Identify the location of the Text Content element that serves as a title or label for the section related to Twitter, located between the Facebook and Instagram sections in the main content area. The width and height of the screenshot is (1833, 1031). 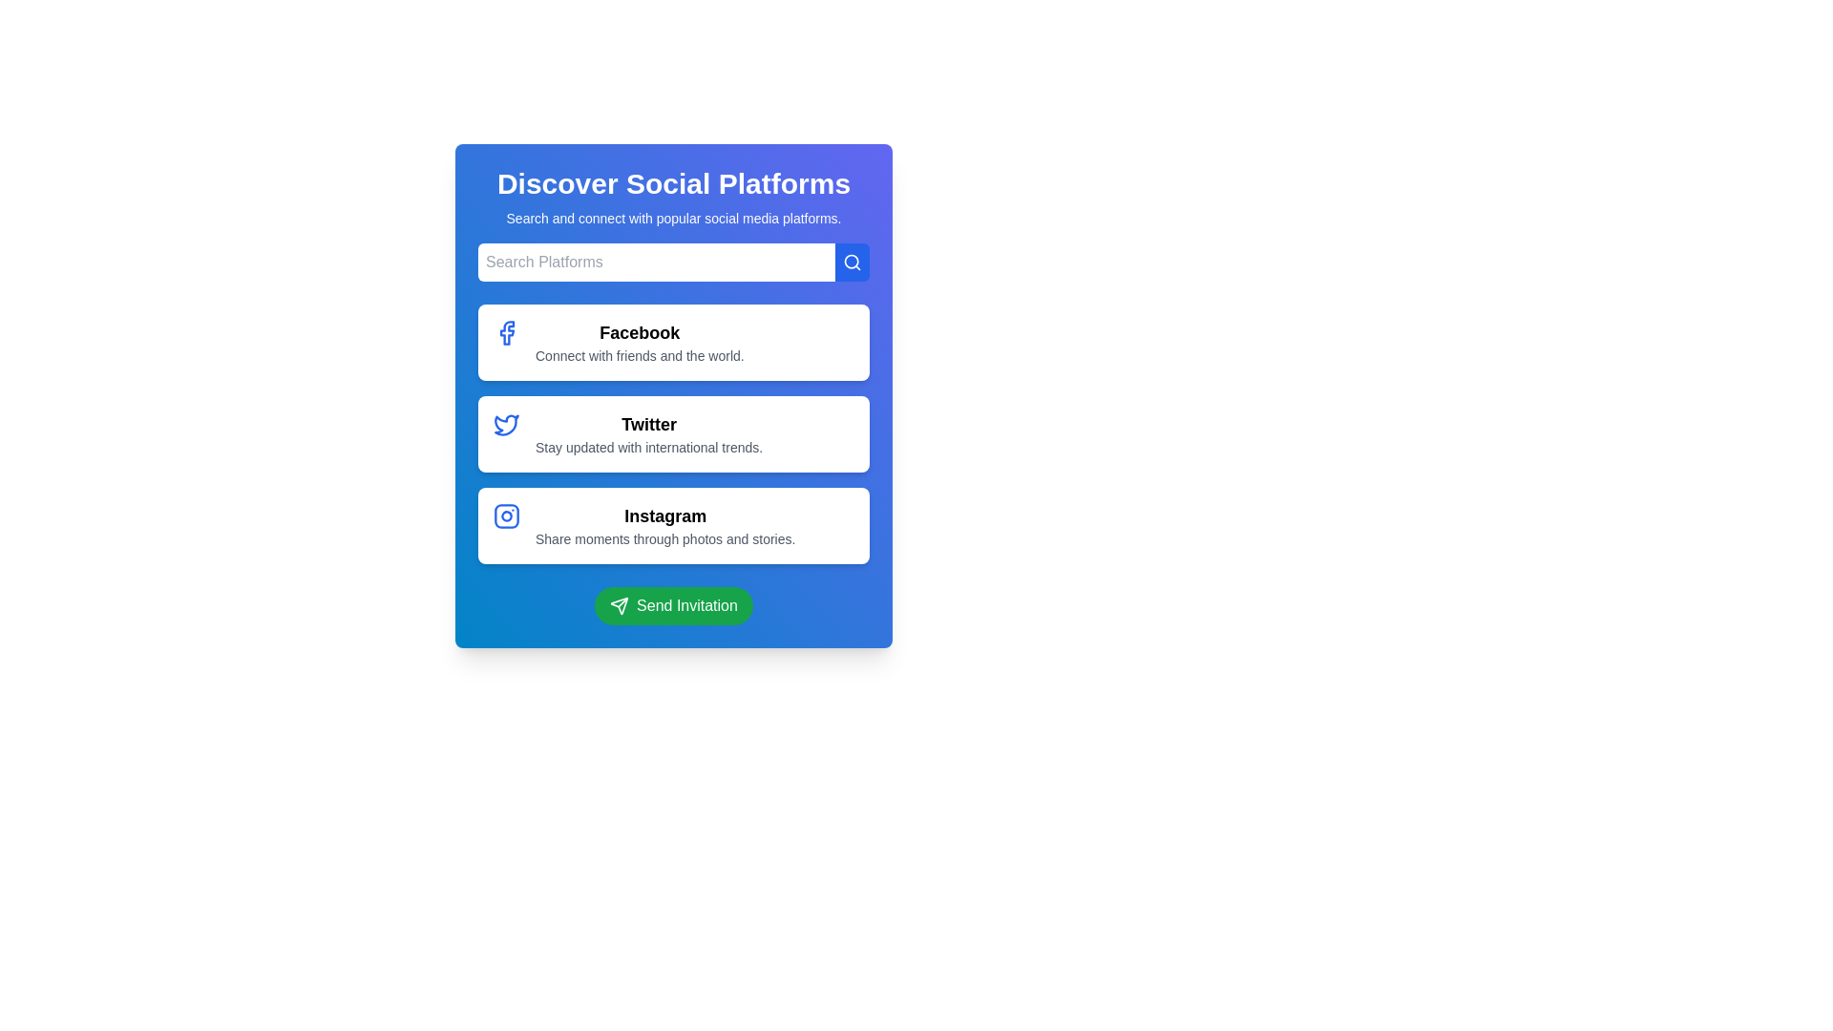
(649, 423).